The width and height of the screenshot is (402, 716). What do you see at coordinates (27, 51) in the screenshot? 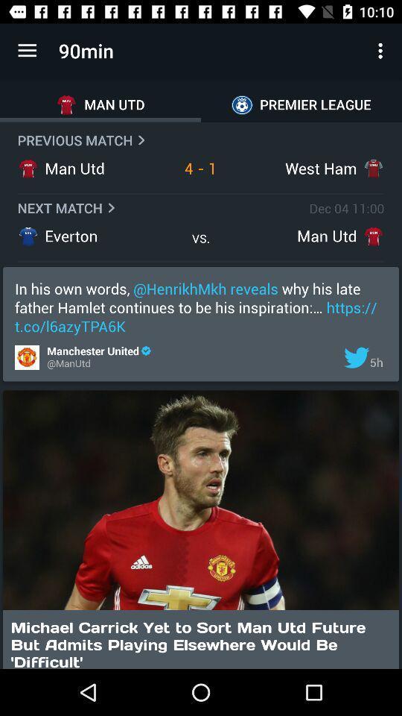
I see `app to the left of 90min icon` at bounding box center [27, 51].